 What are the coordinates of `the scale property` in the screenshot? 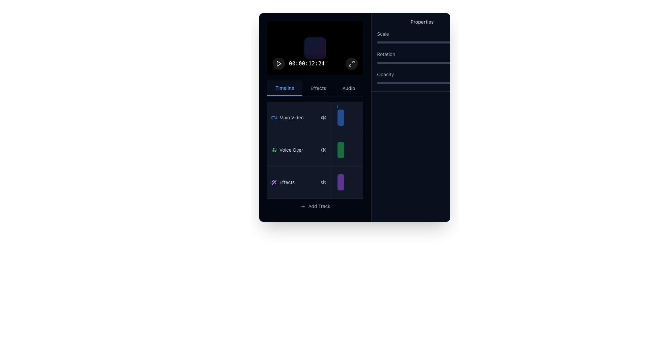 It's located at (384, 42).